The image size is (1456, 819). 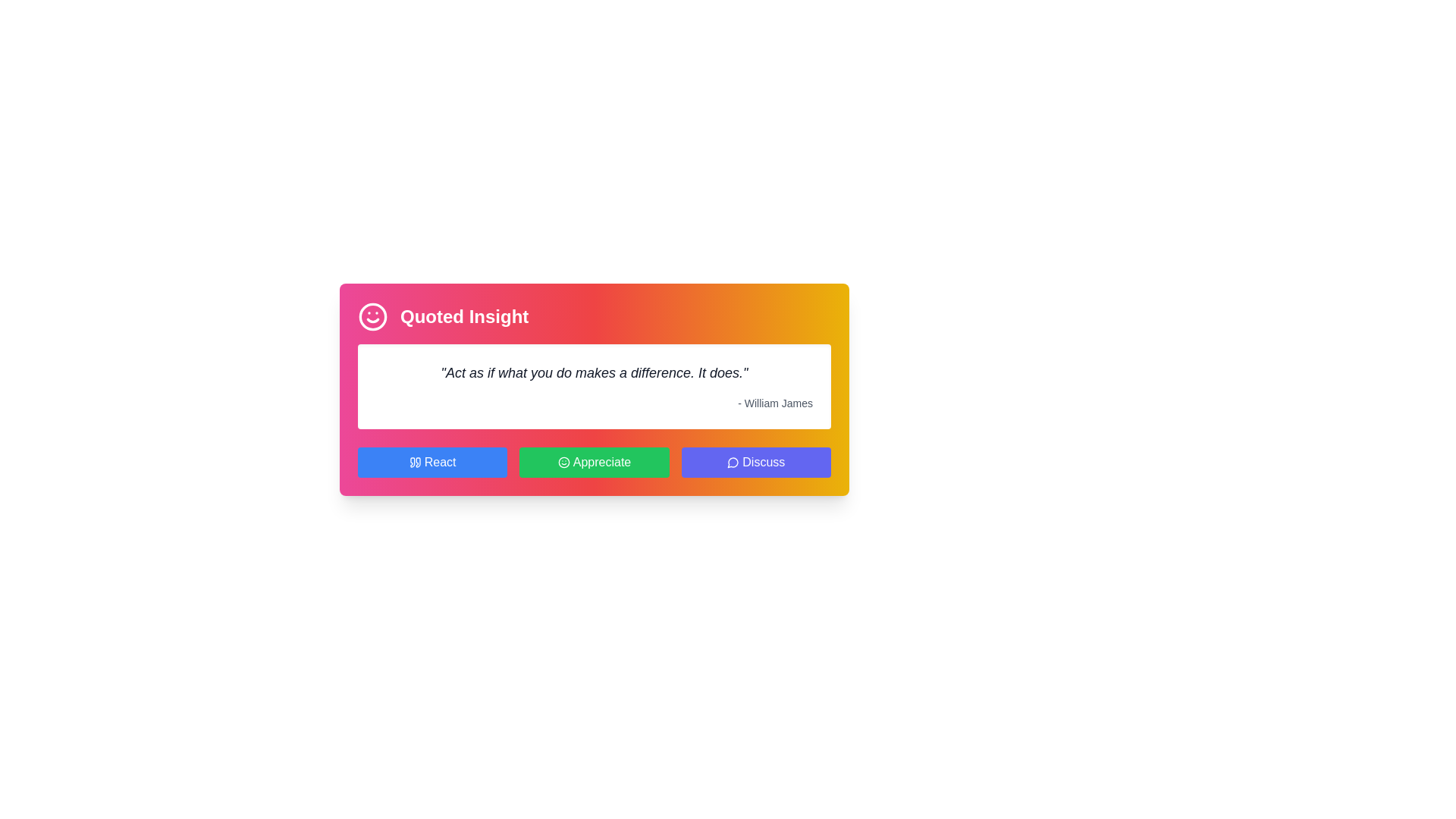 What do you see at coordinates (593, 461) in the screenshot?
I see `the 'Appreciate' button, which is the middle button in a row of three buttons positioned below a motivational quote box` at bounding box center [593, 461].